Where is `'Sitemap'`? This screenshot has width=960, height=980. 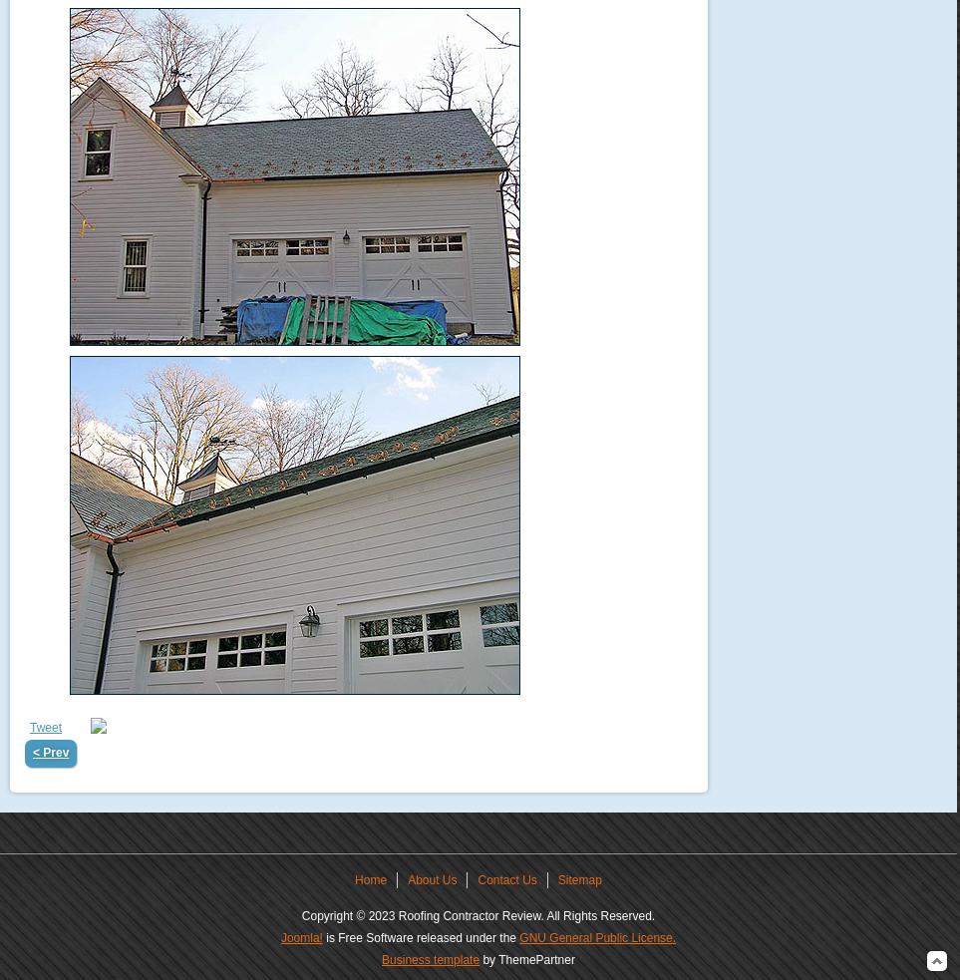
'Sitemap' is located at coordinates (578, 879).